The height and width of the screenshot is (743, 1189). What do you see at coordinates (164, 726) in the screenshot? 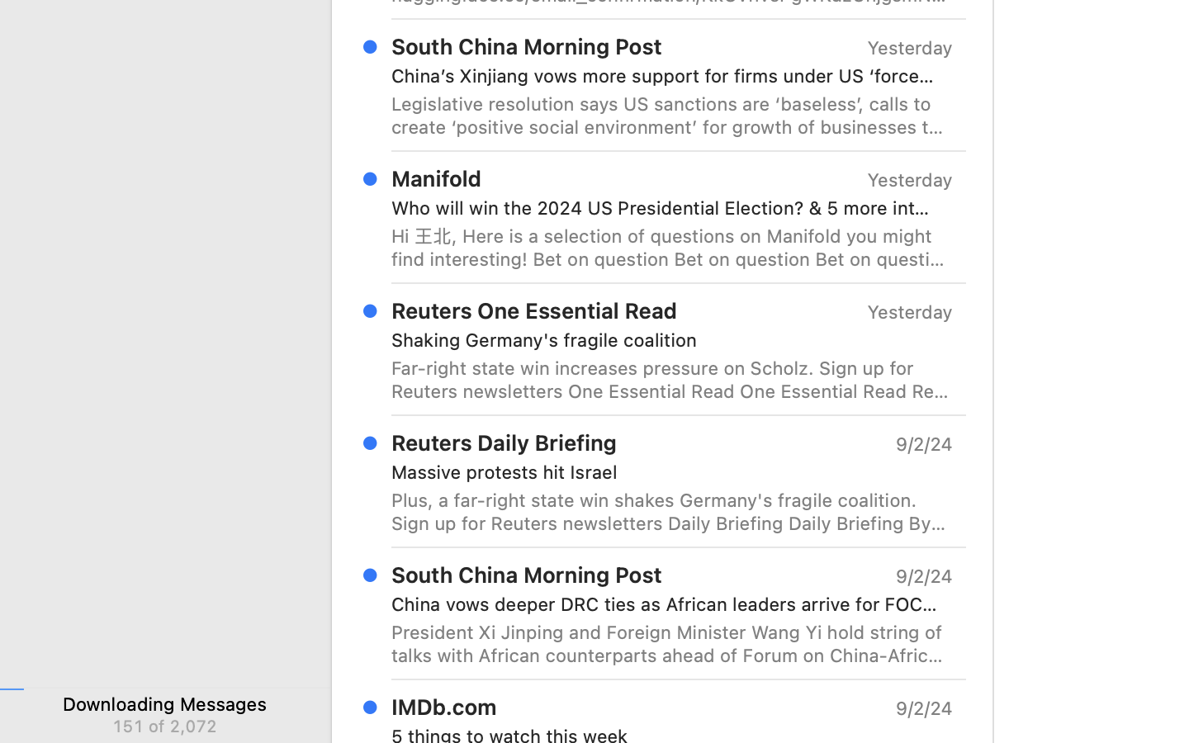
I see `'2,072 new messages'` at bounding box center [164, 726].